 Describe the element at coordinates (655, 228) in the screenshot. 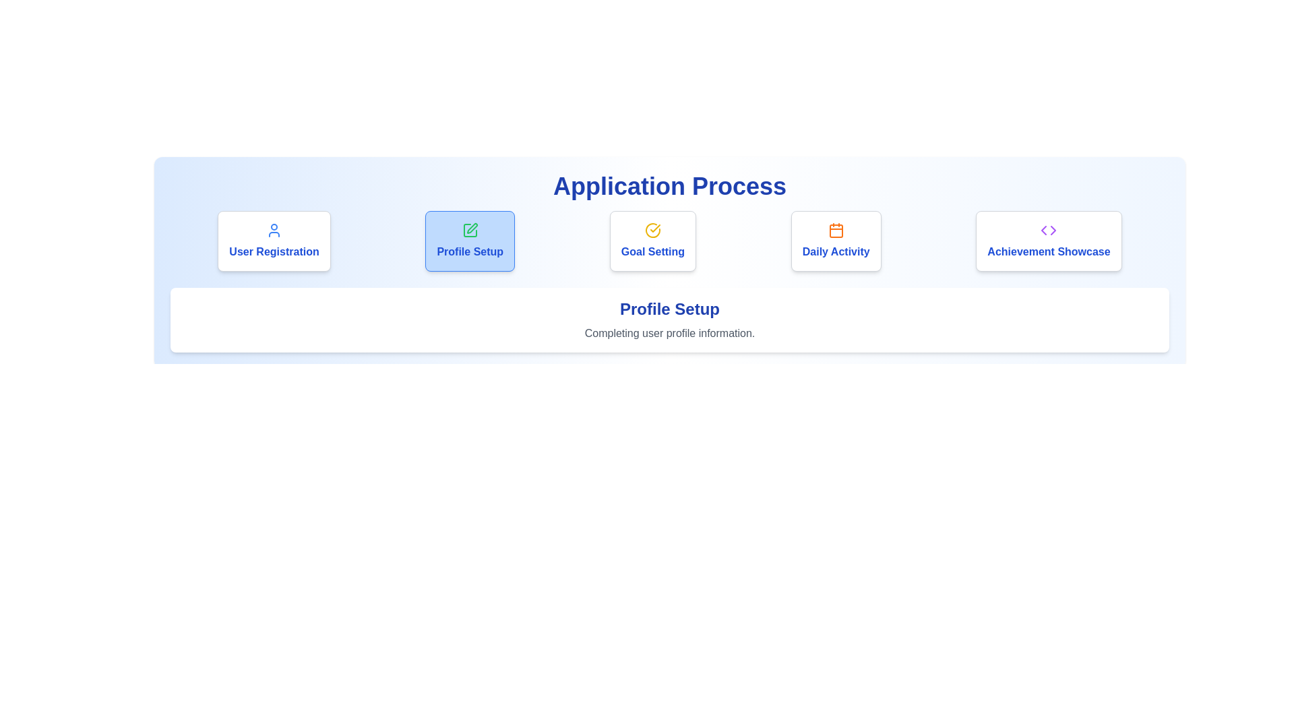

I see `the checkmark icon contained within a circular outline in the 'Profile Setup' section` at that location.